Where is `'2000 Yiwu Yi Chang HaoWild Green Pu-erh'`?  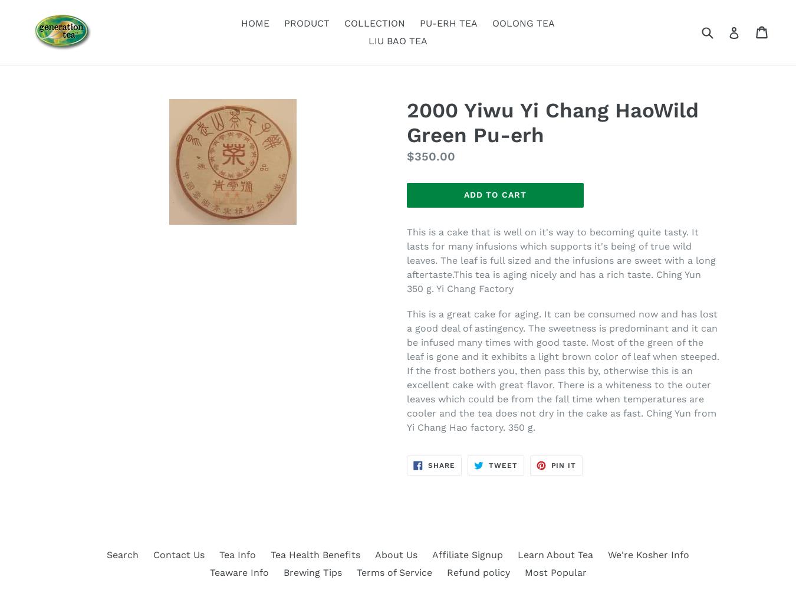
'2000 Yiwu Yi Chang HaoWild Green Pu-erh' is located at coordinates (406, 122).